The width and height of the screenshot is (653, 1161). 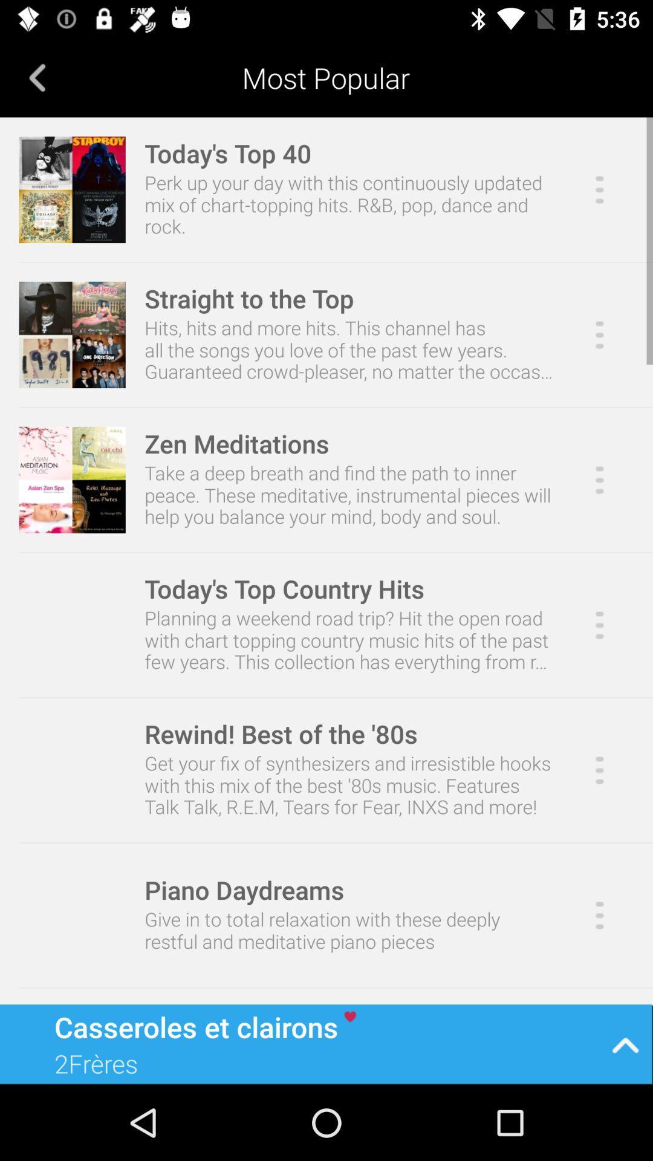 I want to click on the expand_less icon, so click(x=625, y=1043).